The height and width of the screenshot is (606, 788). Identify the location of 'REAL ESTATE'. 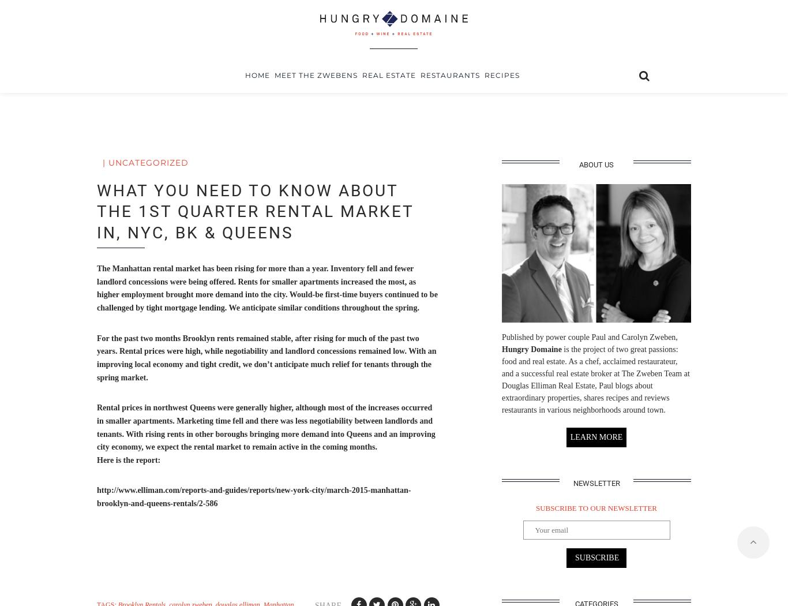
(387, 113).